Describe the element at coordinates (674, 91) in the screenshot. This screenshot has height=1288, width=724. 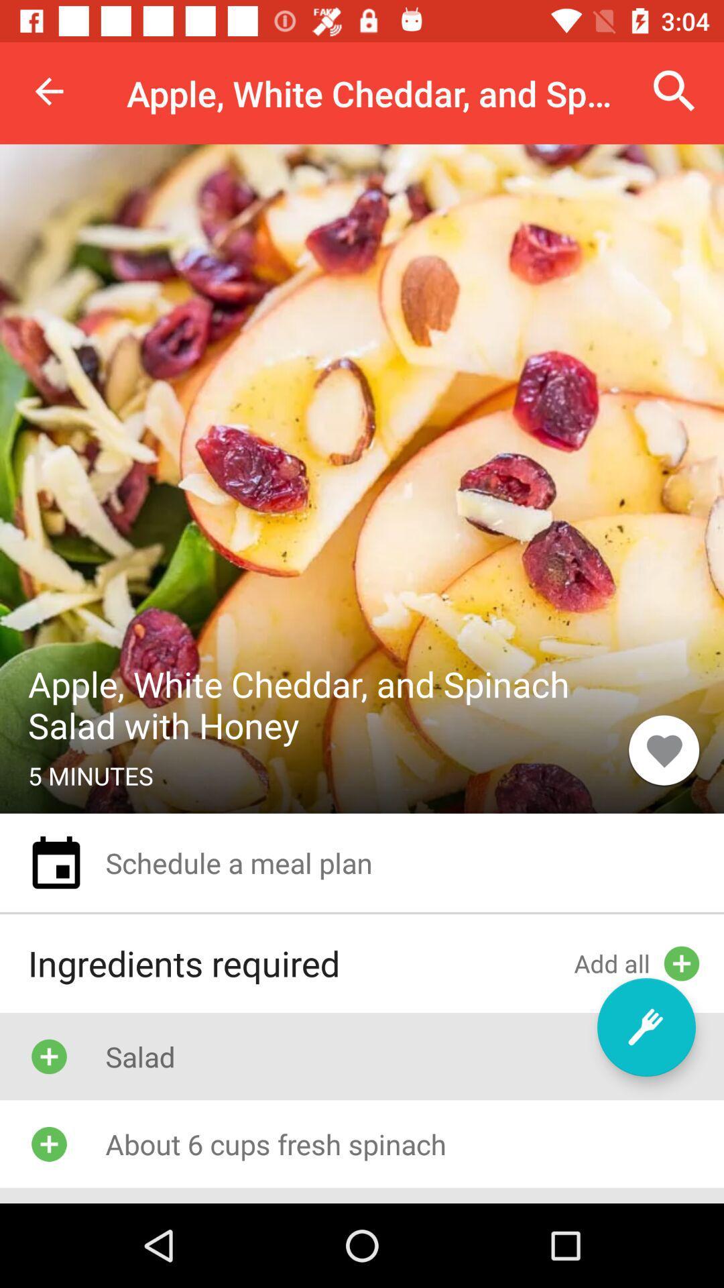
I see `item to the right of apple white cheddar` at that location.